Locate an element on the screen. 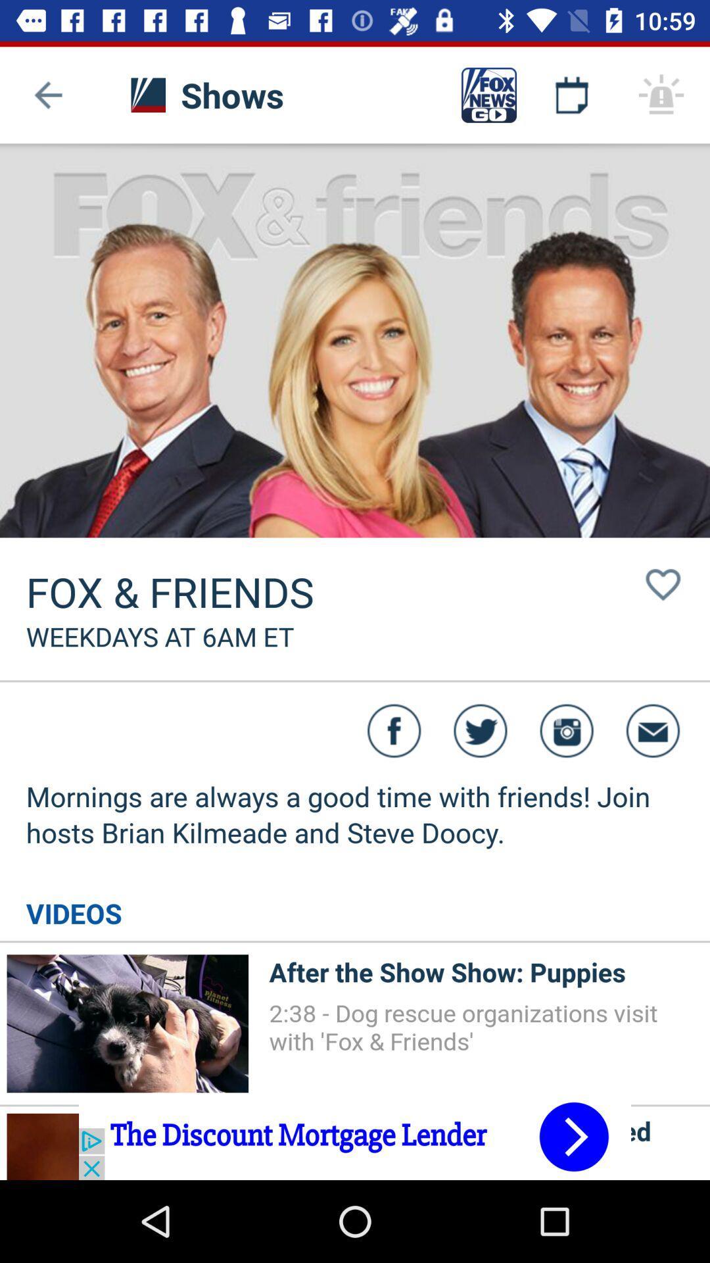 The width and height of the screenshot is (710, 1263). the icon which is beside the fox news go icon is located at coordinates (571, 94).